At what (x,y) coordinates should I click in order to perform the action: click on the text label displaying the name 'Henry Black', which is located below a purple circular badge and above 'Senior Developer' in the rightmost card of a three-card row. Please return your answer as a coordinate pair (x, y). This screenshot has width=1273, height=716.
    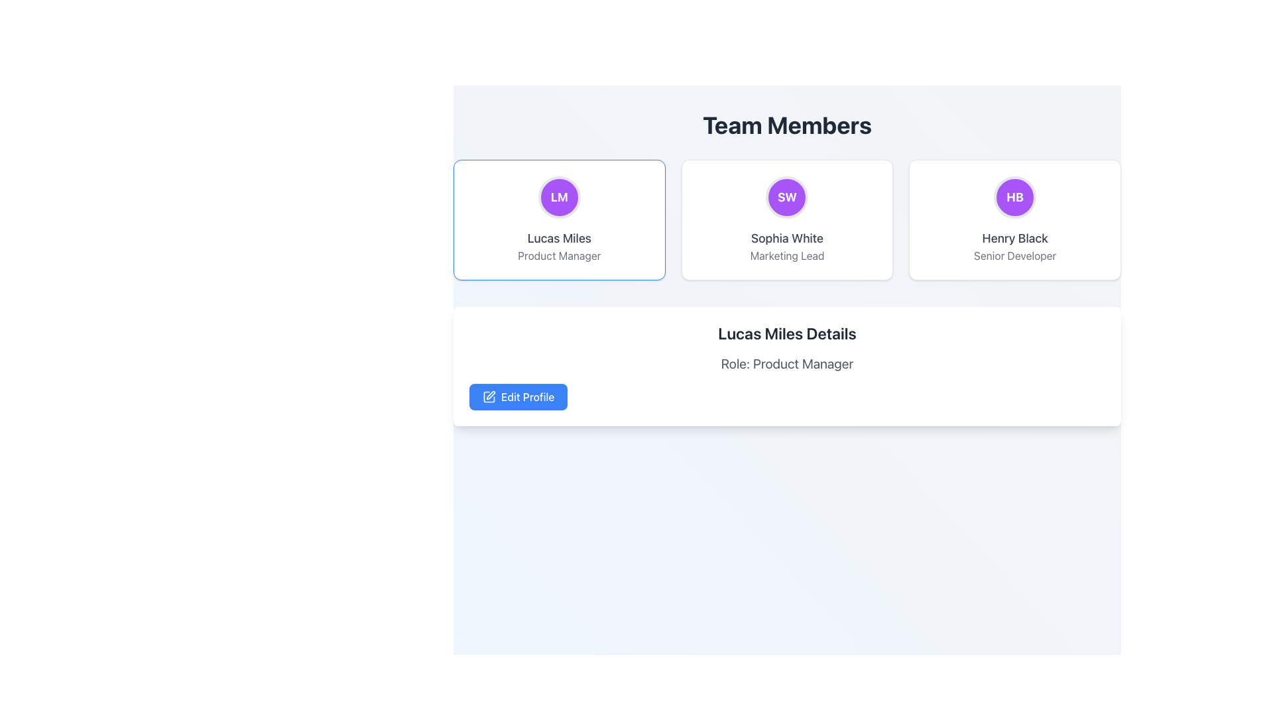
    Looking at the image, I should click on (1014, 237).